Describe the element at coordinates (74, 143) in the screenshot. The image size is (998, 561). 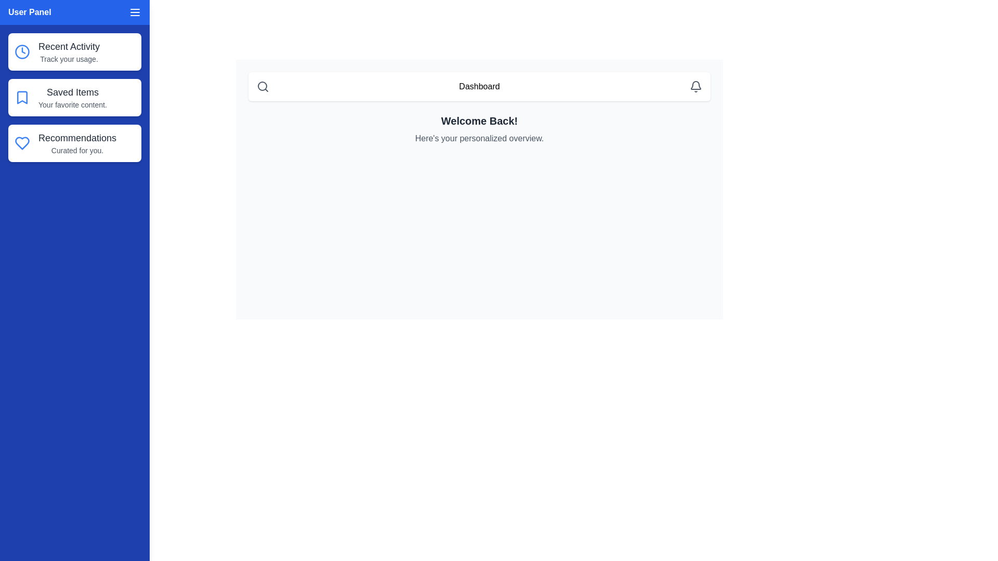
I see `the menu item Recommendations from the InteractiveUserDrawer` at that location.